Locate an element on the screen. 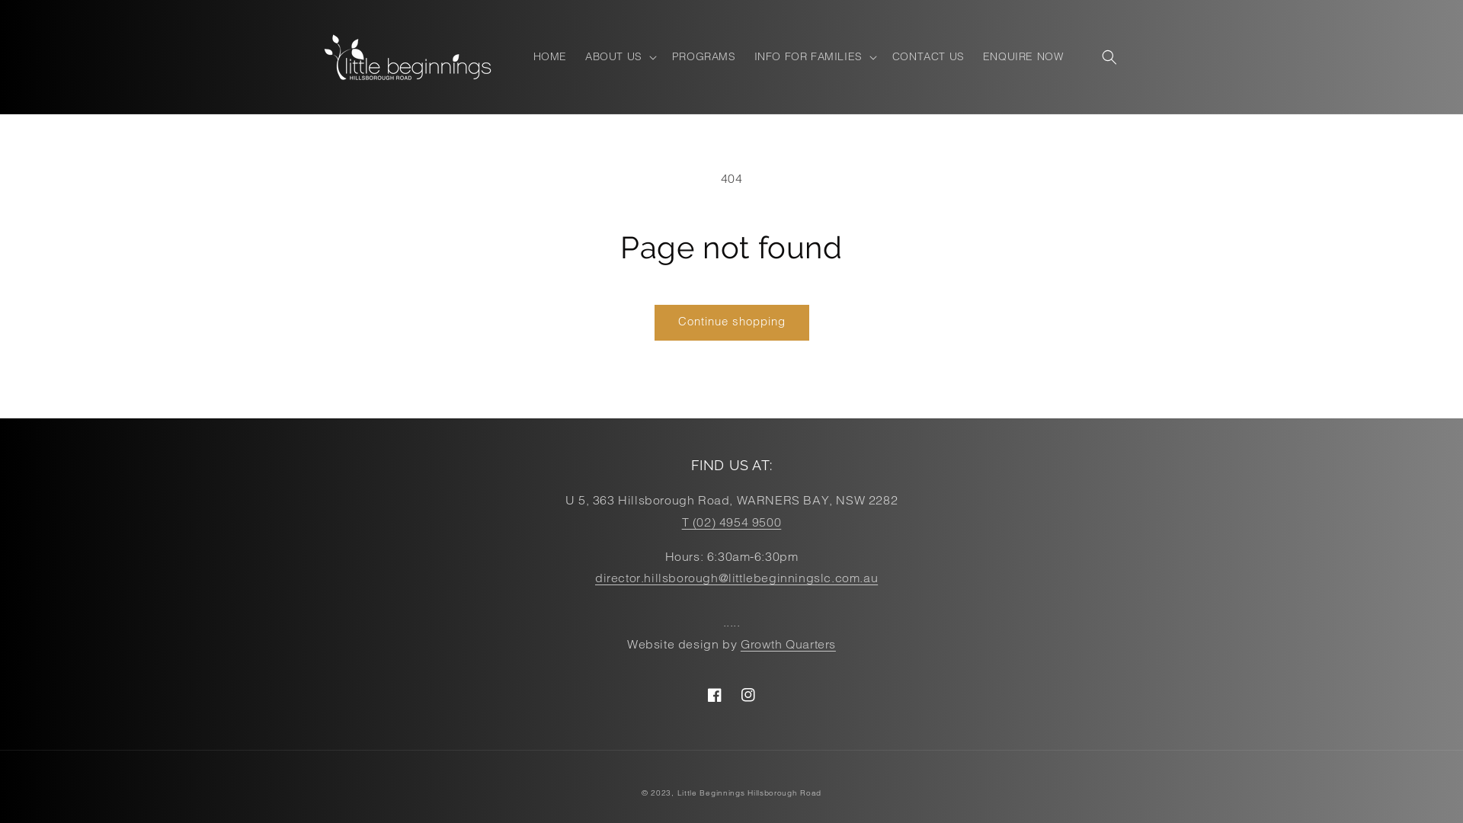 The height and width of the screenshot is (823, 1463). 'Growth Quarters' is located at coordinates (788, 643).